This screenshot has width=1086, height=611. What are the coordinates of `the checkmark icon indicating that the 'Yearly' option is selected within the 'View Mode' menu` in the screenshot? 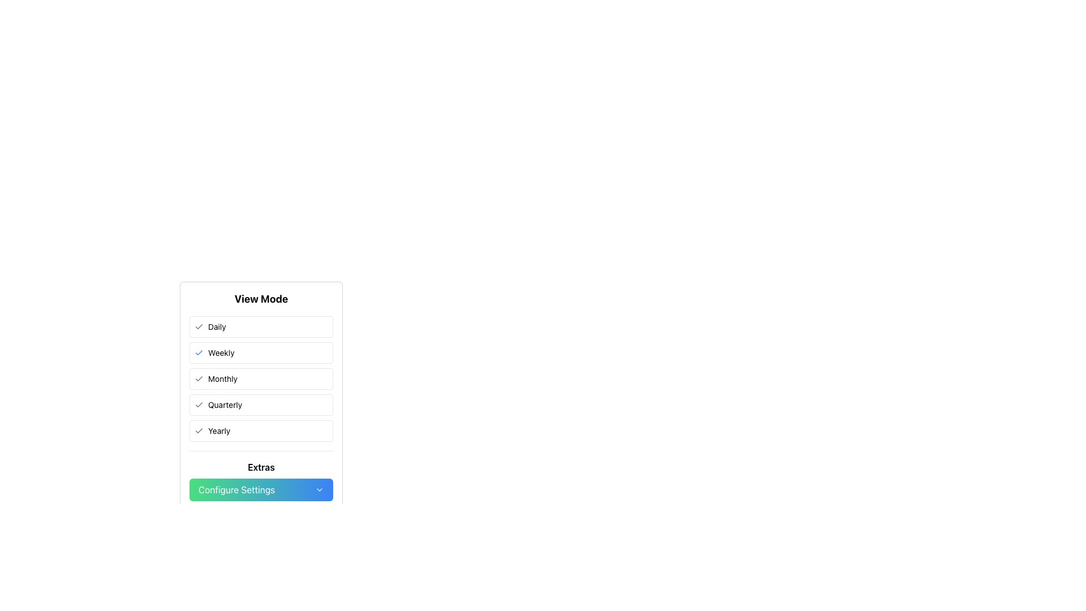 It's located at (199, 431).